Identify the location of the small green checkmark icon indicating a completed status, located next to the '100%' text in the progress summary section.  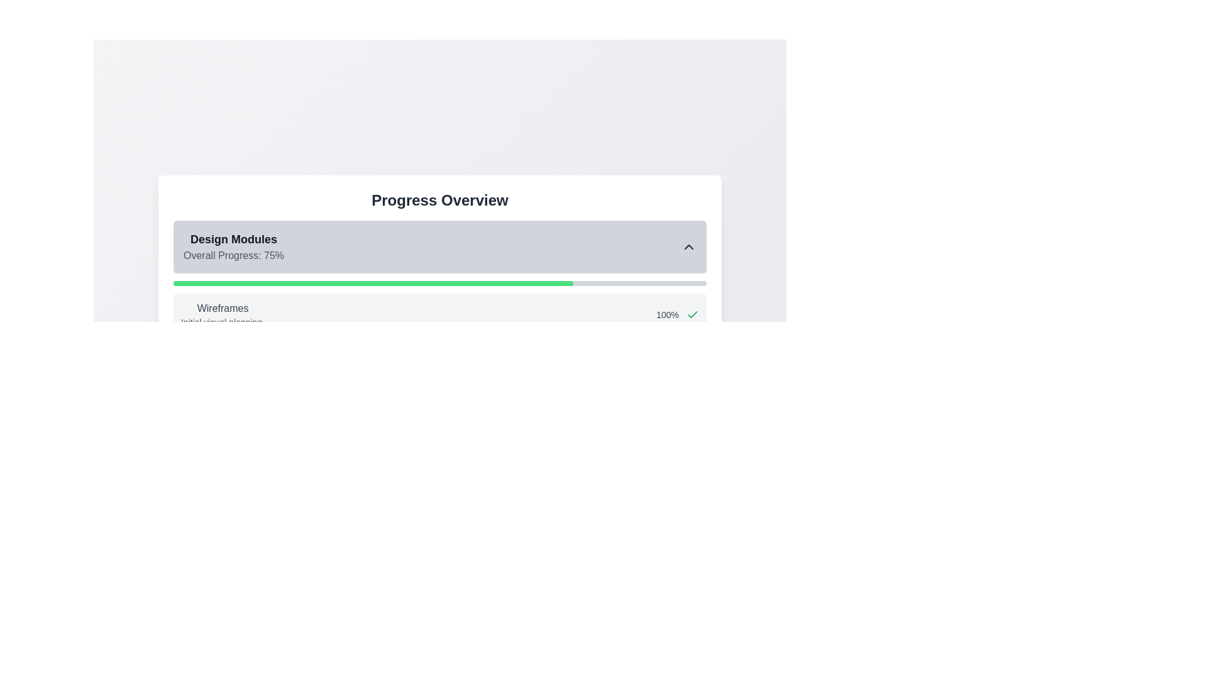
(692, 314).